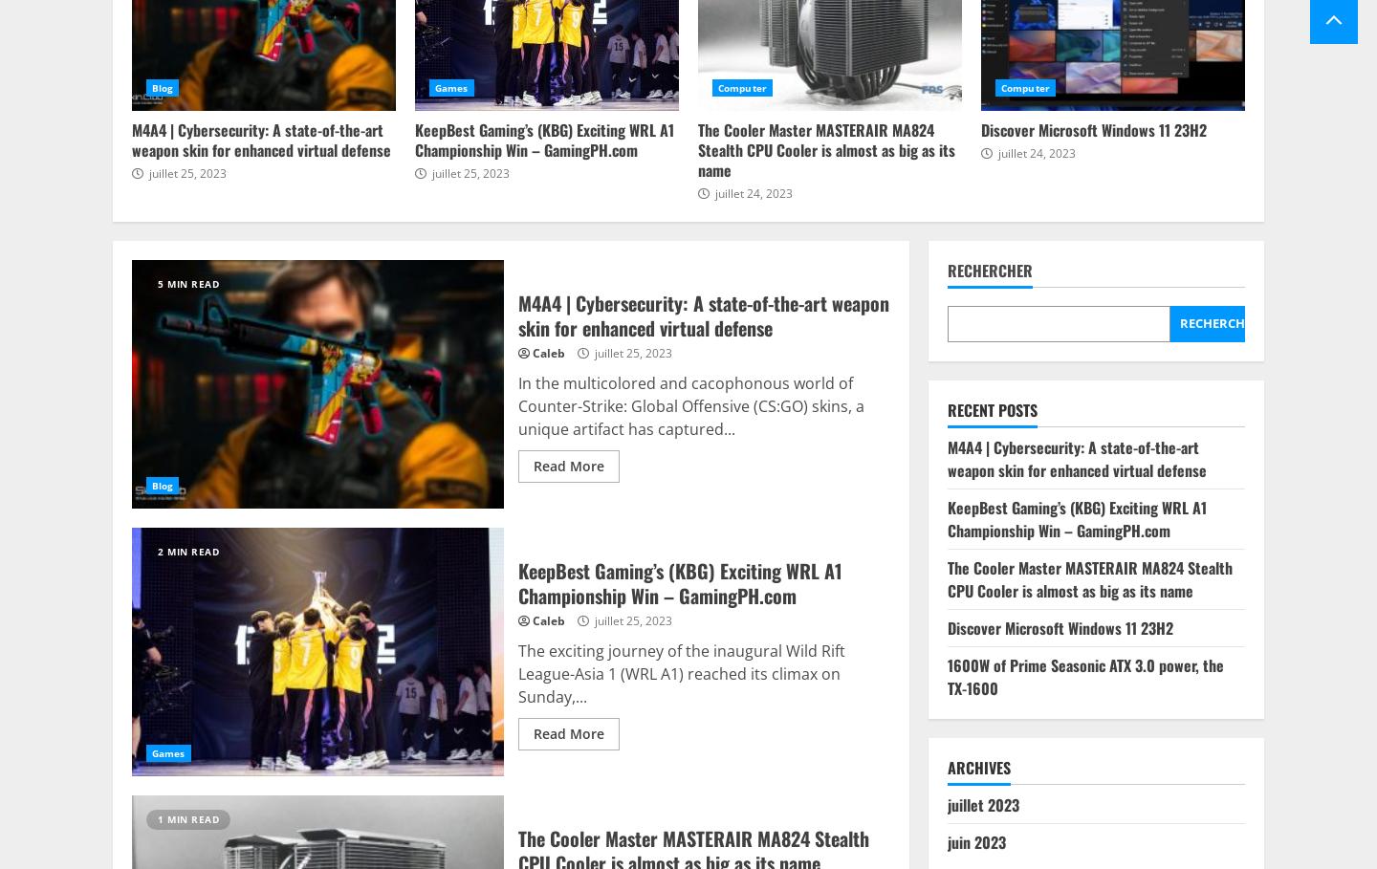 The width and height of the screenshot is (1377, 869). I want to click on 'juin 2023', so click(974, 842).